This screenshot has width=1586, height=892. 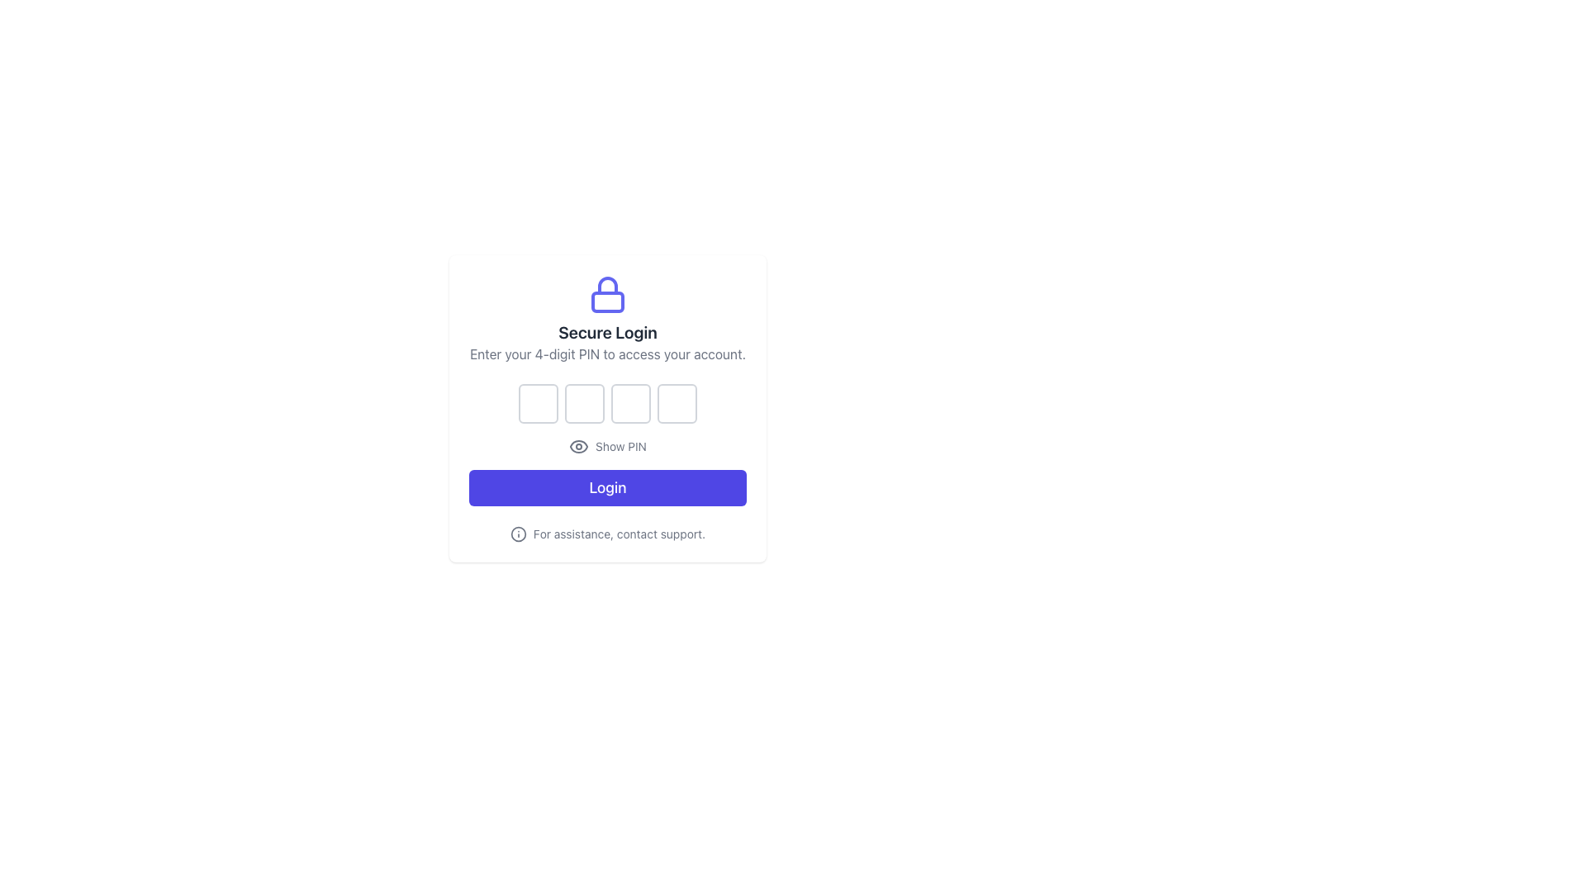 What do you see at coordinates (606, 294) in the screenshot?
I see `the blue outlined lock icon located at the center-top of the card section, directly above the 'Secure Login' text` at bounding box center [606, 294].